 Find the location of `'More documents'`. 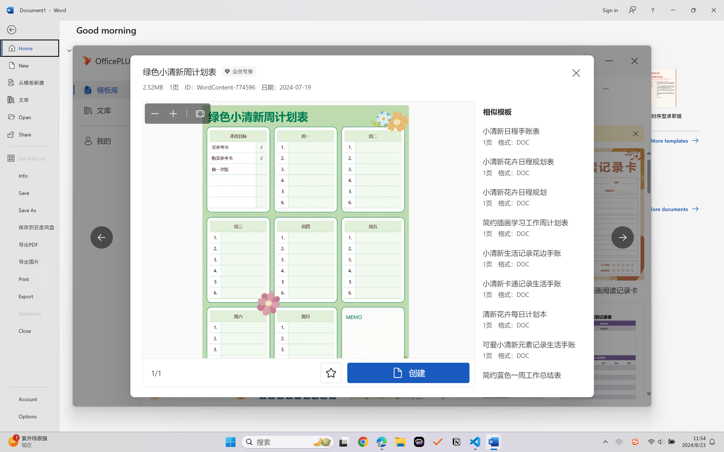

'More documents' is located at coordinates (673, 209).